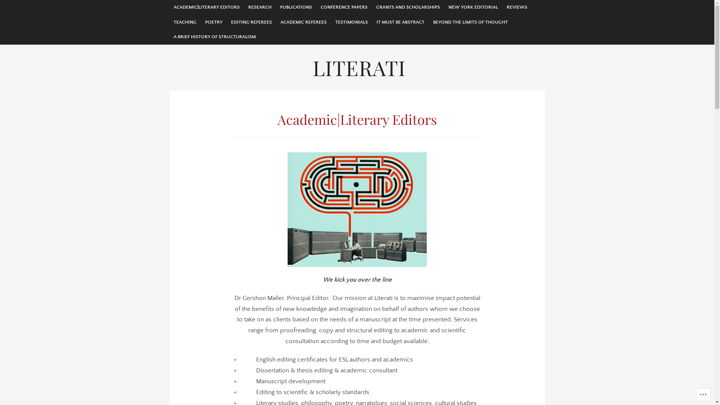 The image size is (720, 405). I want to click on 'IT MUST BE ABSTRACT', so click(376, 22).